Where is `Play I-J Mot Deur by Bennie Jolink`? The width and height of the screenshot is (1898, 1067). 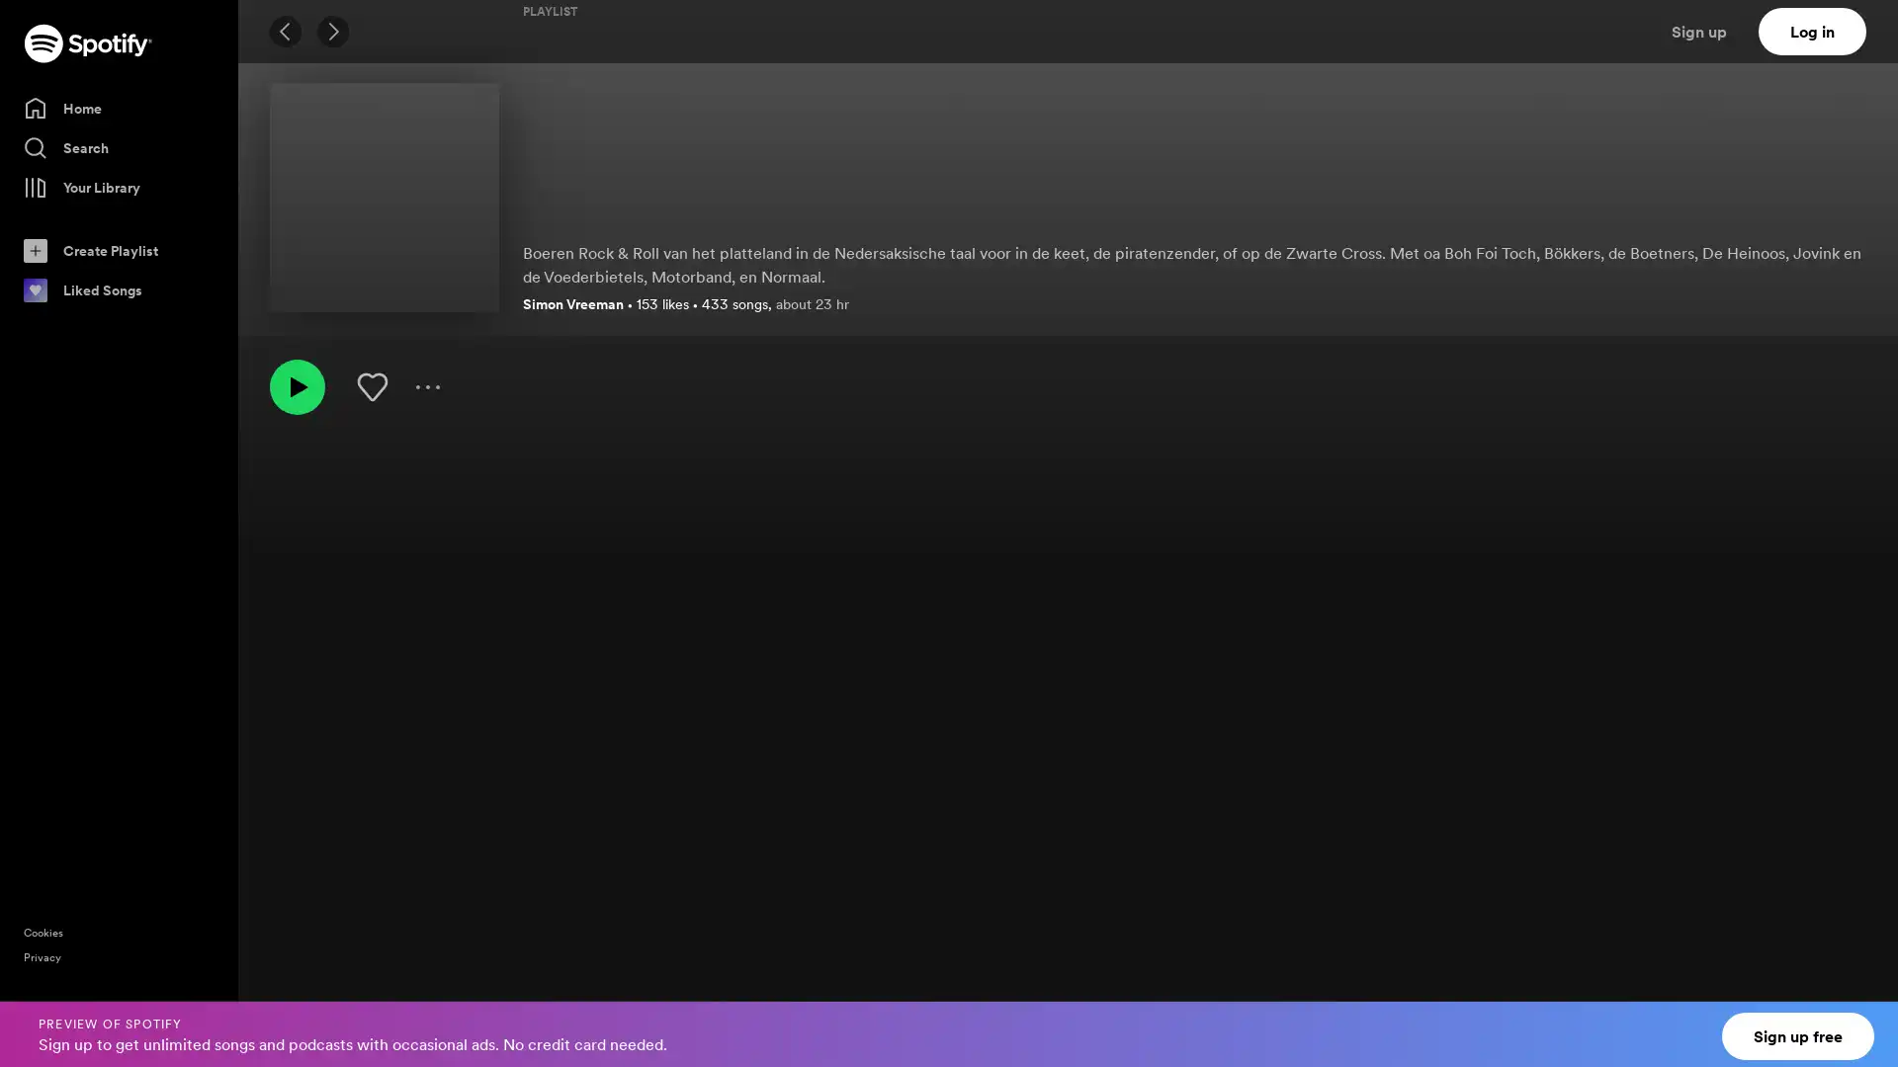 Play I-J Mot Deur by Bennie Jolink is located at coordinates (294, 795).